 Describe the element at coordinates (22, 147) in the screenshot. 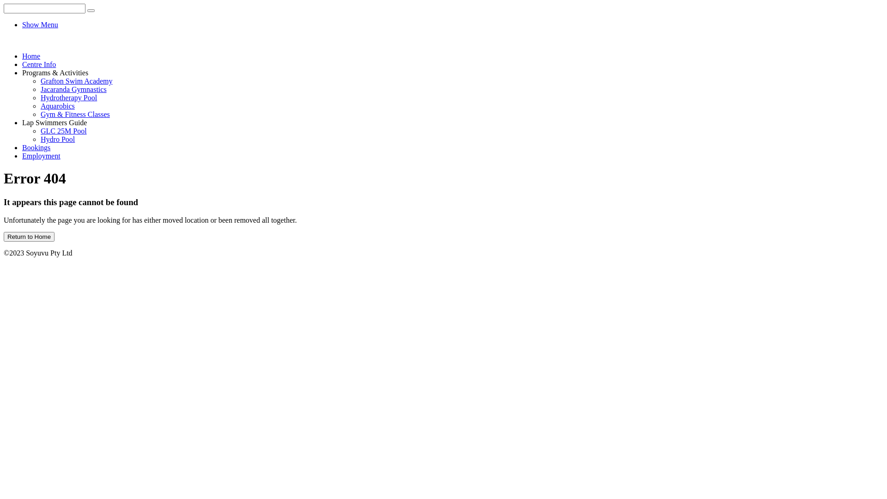

I see `'Bookings'` at that location.